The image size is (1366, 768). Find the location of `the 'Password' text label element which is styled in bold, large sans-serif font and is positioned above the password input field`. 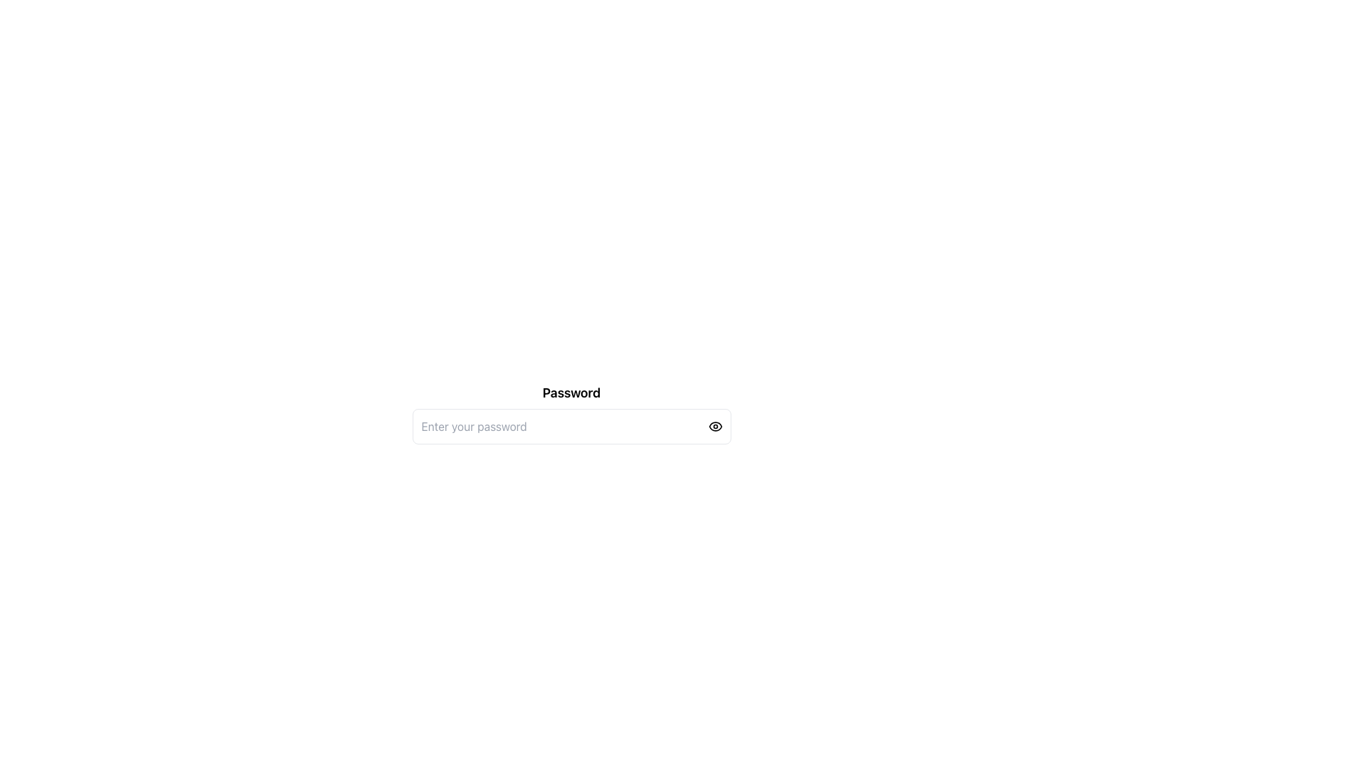

the 'Password' text label element which is styled in bold, large sans-serif font and is positioned above the password input field is located at coordinates (571, 393).